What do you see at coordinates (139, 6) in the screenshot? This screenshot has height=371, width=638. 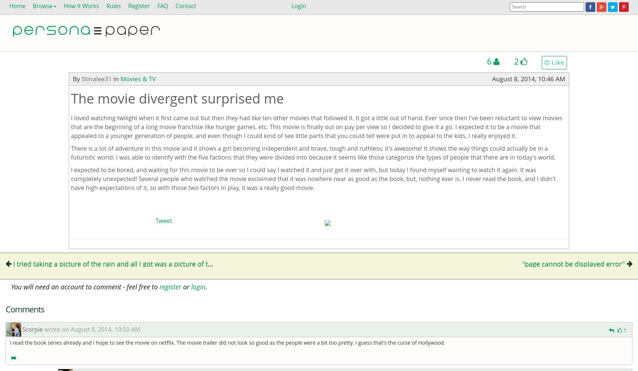 I see `'Register'` at bounding box center [139, 6].